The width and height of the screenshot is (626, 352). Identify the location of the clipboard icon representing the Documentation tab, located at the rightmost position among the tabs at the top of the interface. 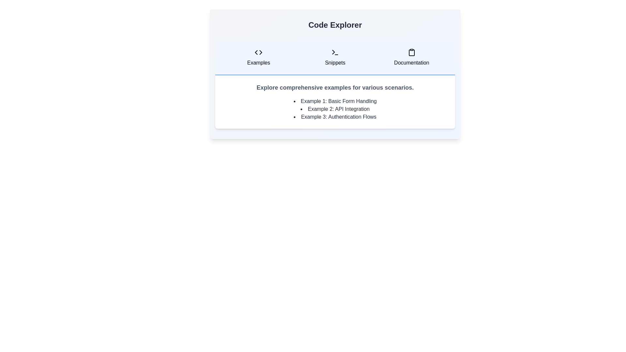
(411, 52).